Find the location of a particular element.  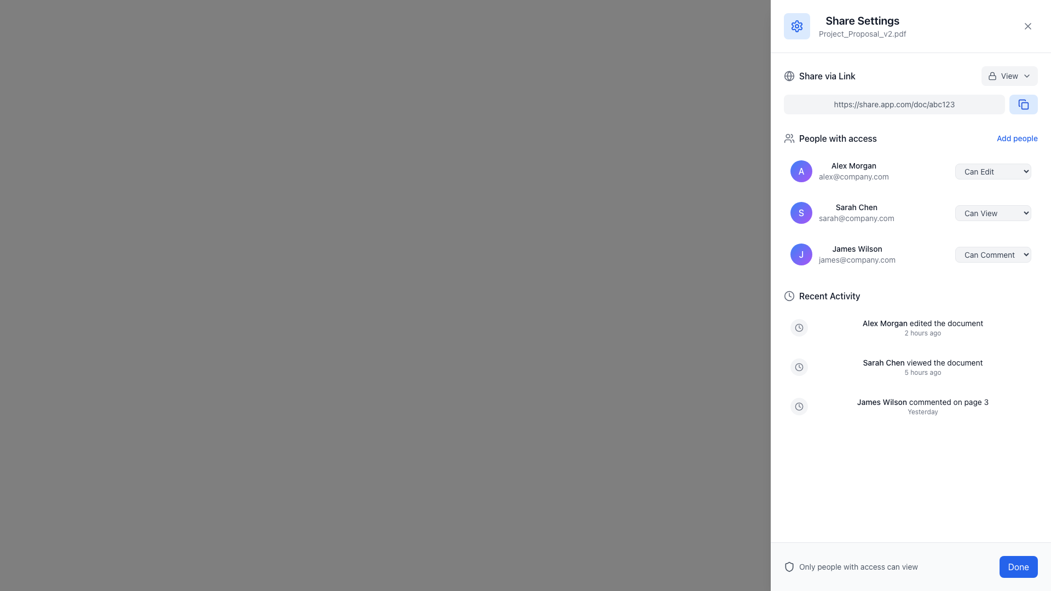

the text element that reads 'Only people with access can view', which is styled in a dimmer color and located at the bottom-right corner of the interface, next to a shield icon is located at coordinates (858, 566).